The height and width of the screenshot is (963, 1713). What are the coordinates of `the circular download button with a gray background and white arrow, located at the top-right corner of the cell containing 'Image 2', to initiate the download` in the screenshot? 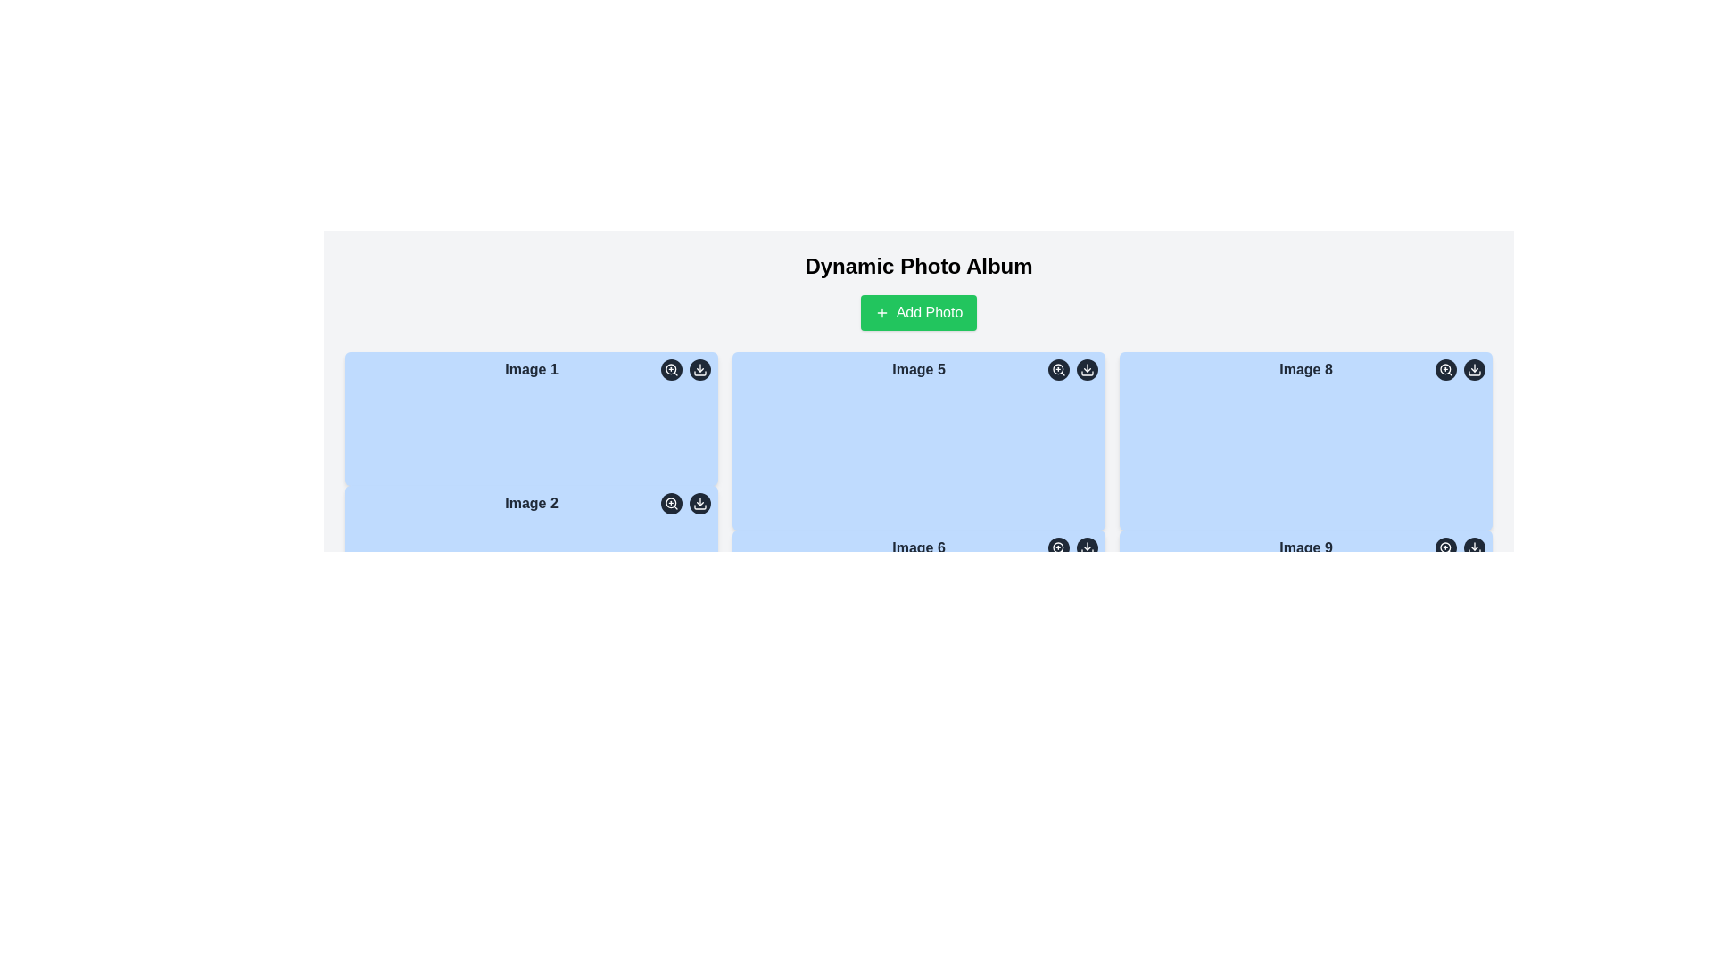 It's located at (699, 503).